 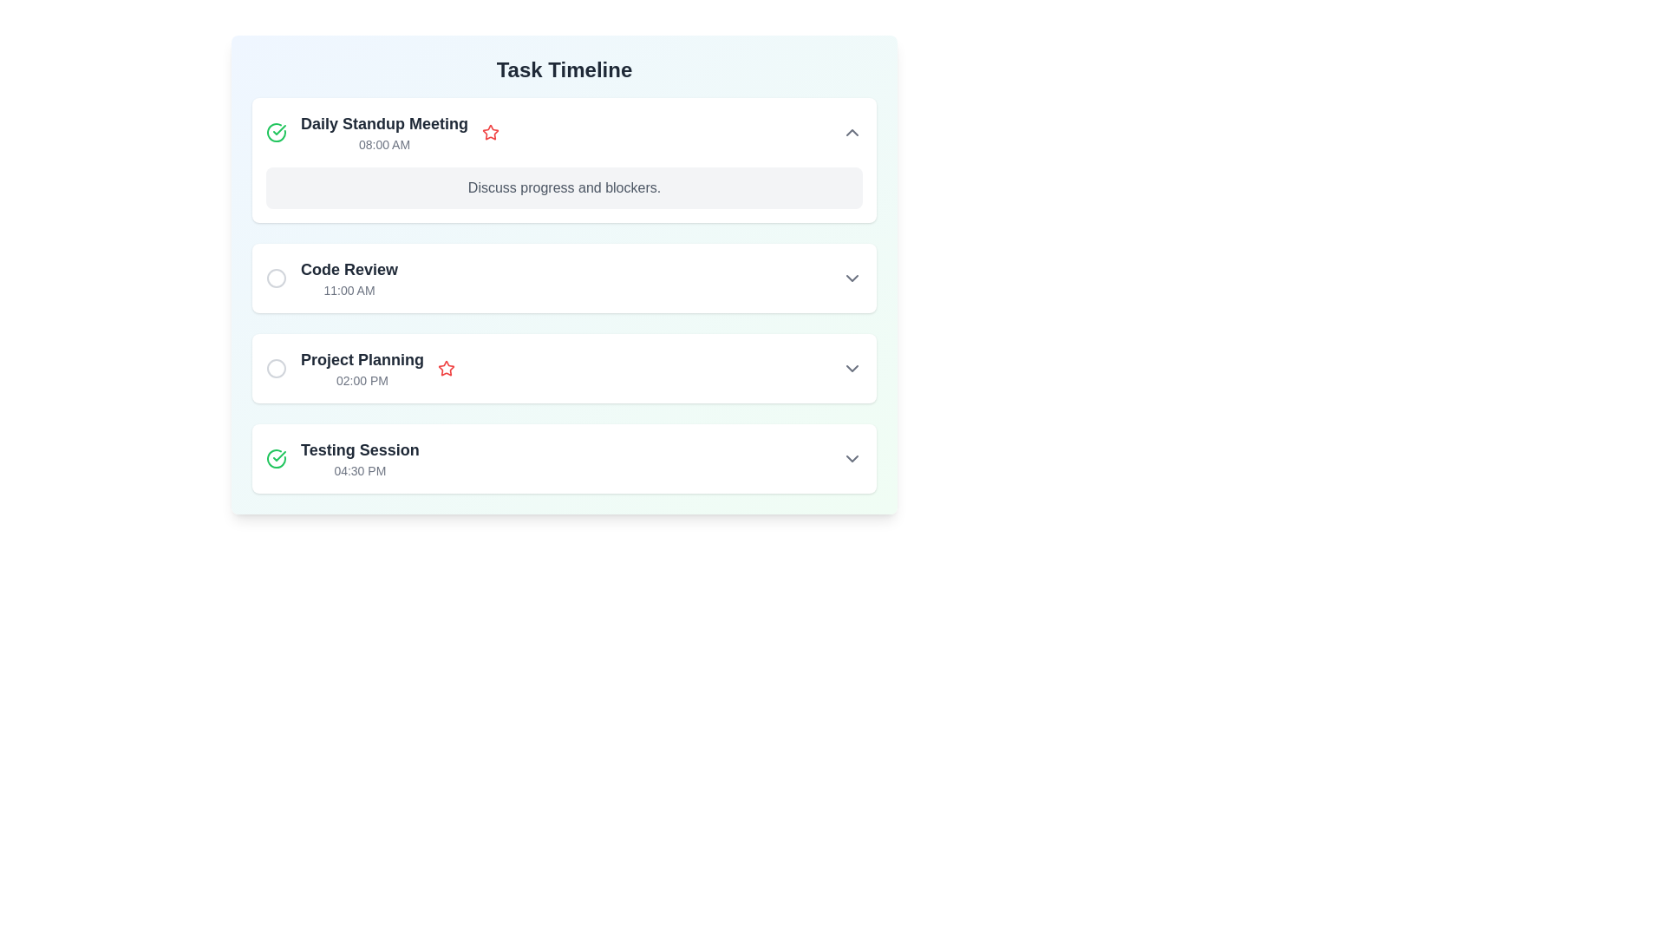 What do you see at coordinates (275, 457) in the screenshot?
I see `the status indication of the circular icon with a green outline and checkmark, located to the left of the text 'Testing Session 04:30 PM'` at bounding box center [275, 457].